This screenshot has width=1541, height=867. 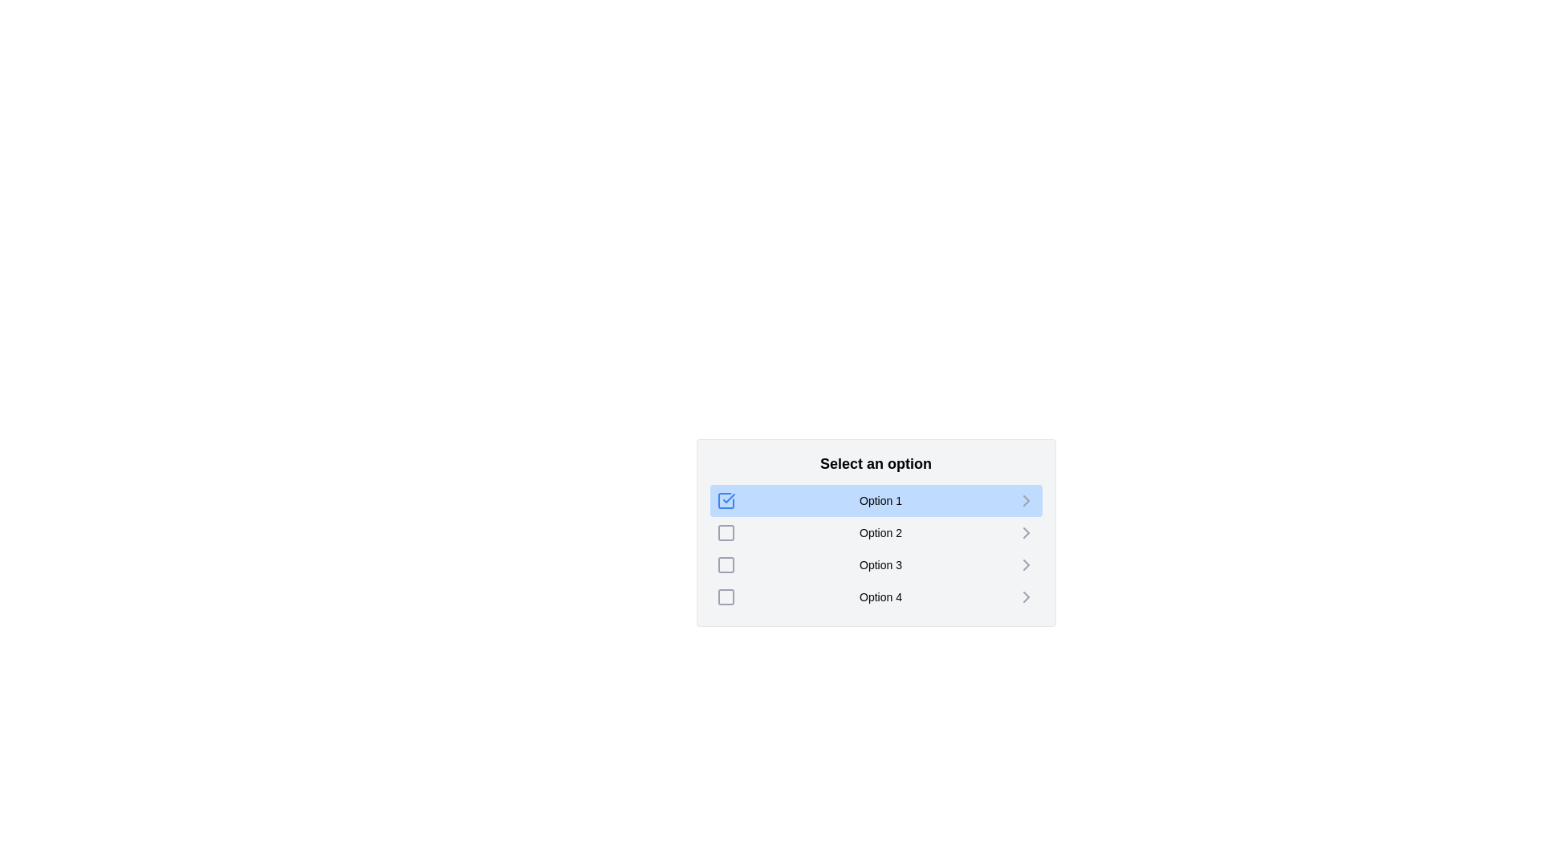 What do you see at coordinates (880, 564) in the screenshot?
I see `the text label located in the third row of the options list under 'Select an option', which is positioned to the right of a checkbox and to the left of a right-pointing arrow icon` at bounding box center [880, 564].